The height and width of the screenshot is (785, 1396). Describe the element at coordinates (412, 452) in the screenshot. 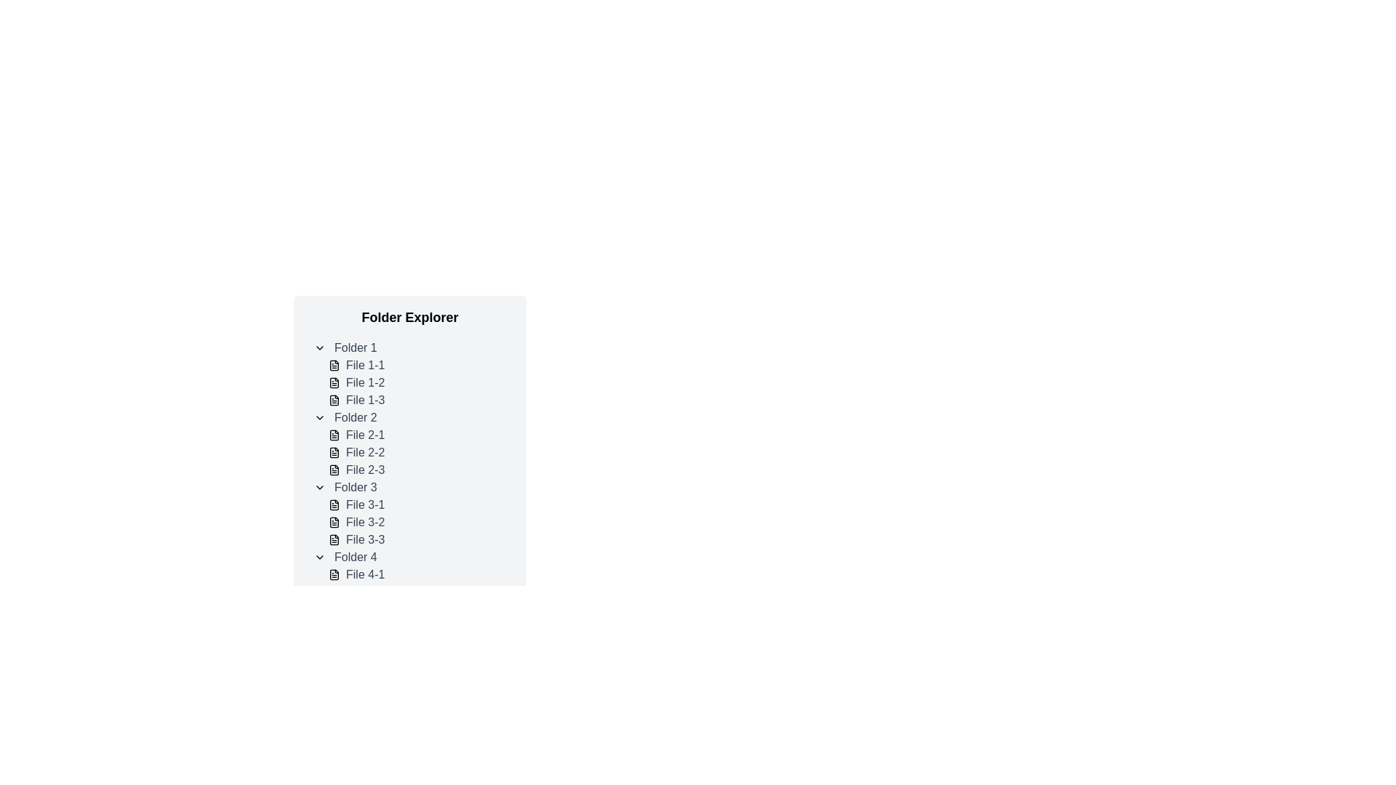

I see `'File 2-2' in the list of file entries under 'Folder 2'` at that location.